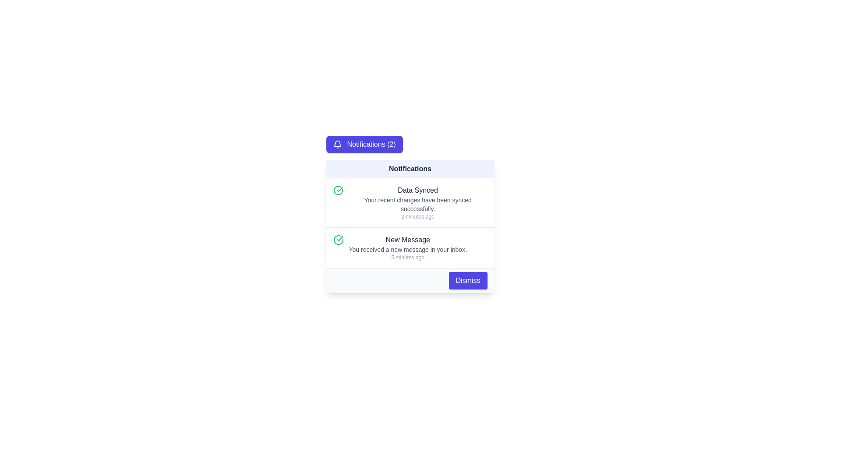 Image resolution: width=841 pixels, height=473 pixels. I want to click on the green circular checkmark icon located to the left of the text 'New Message' in the notification panel, so click(338, 190).